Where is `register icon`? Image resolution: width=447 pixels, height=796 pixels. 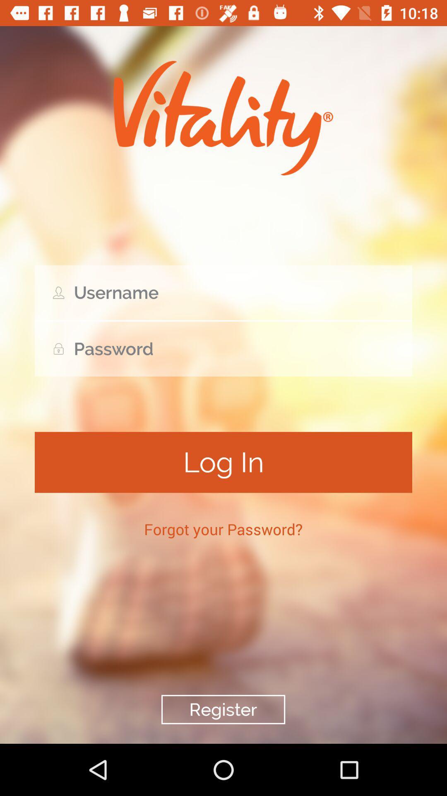
register icon is located at coordinates (223, 709).